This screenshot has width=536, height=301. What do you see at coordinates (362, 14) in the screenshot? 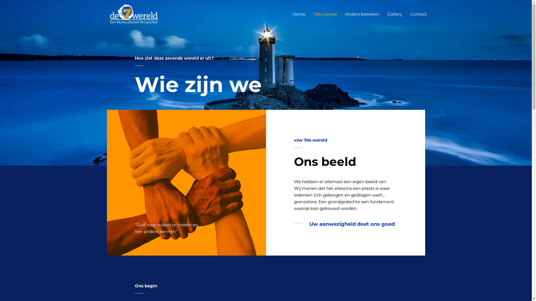
I see `'Anders bekeken'` at bounding box center [362, 14].